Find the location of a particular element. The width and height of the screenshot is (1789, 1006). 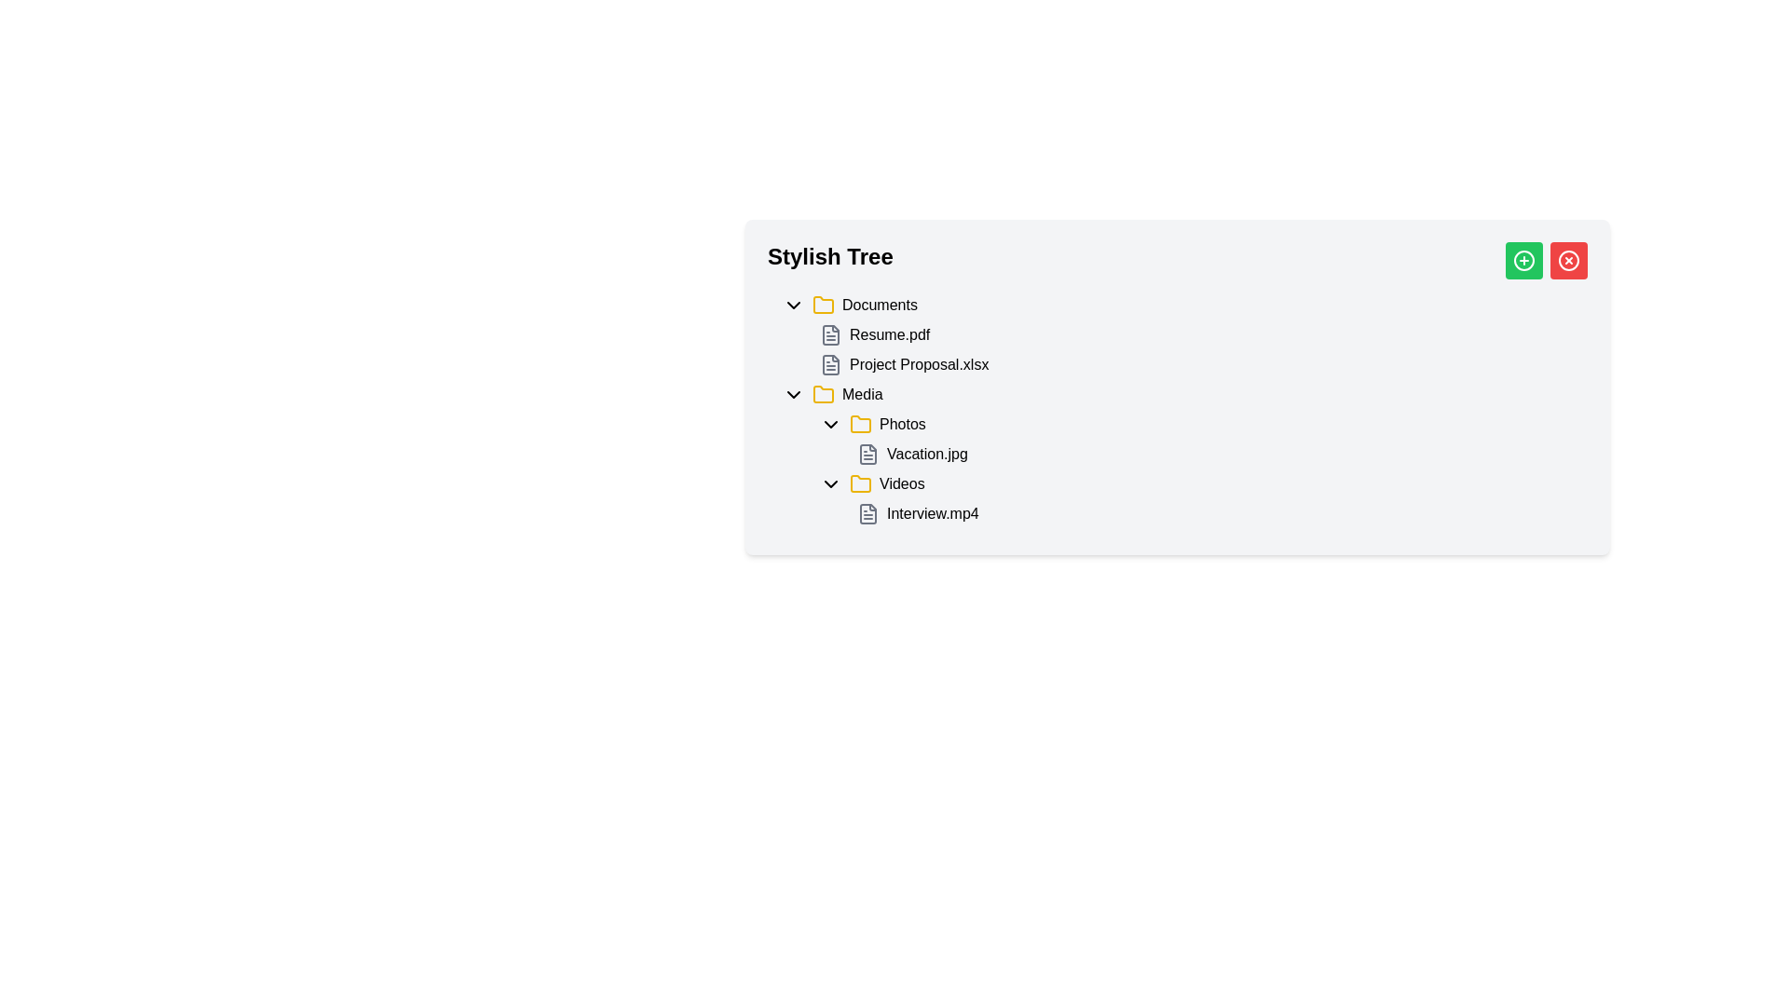

the Text label for the file named 'Vacation.jpg' located under the 'Photos' folder in the tree navigation system is located at coordinates (927, 455).